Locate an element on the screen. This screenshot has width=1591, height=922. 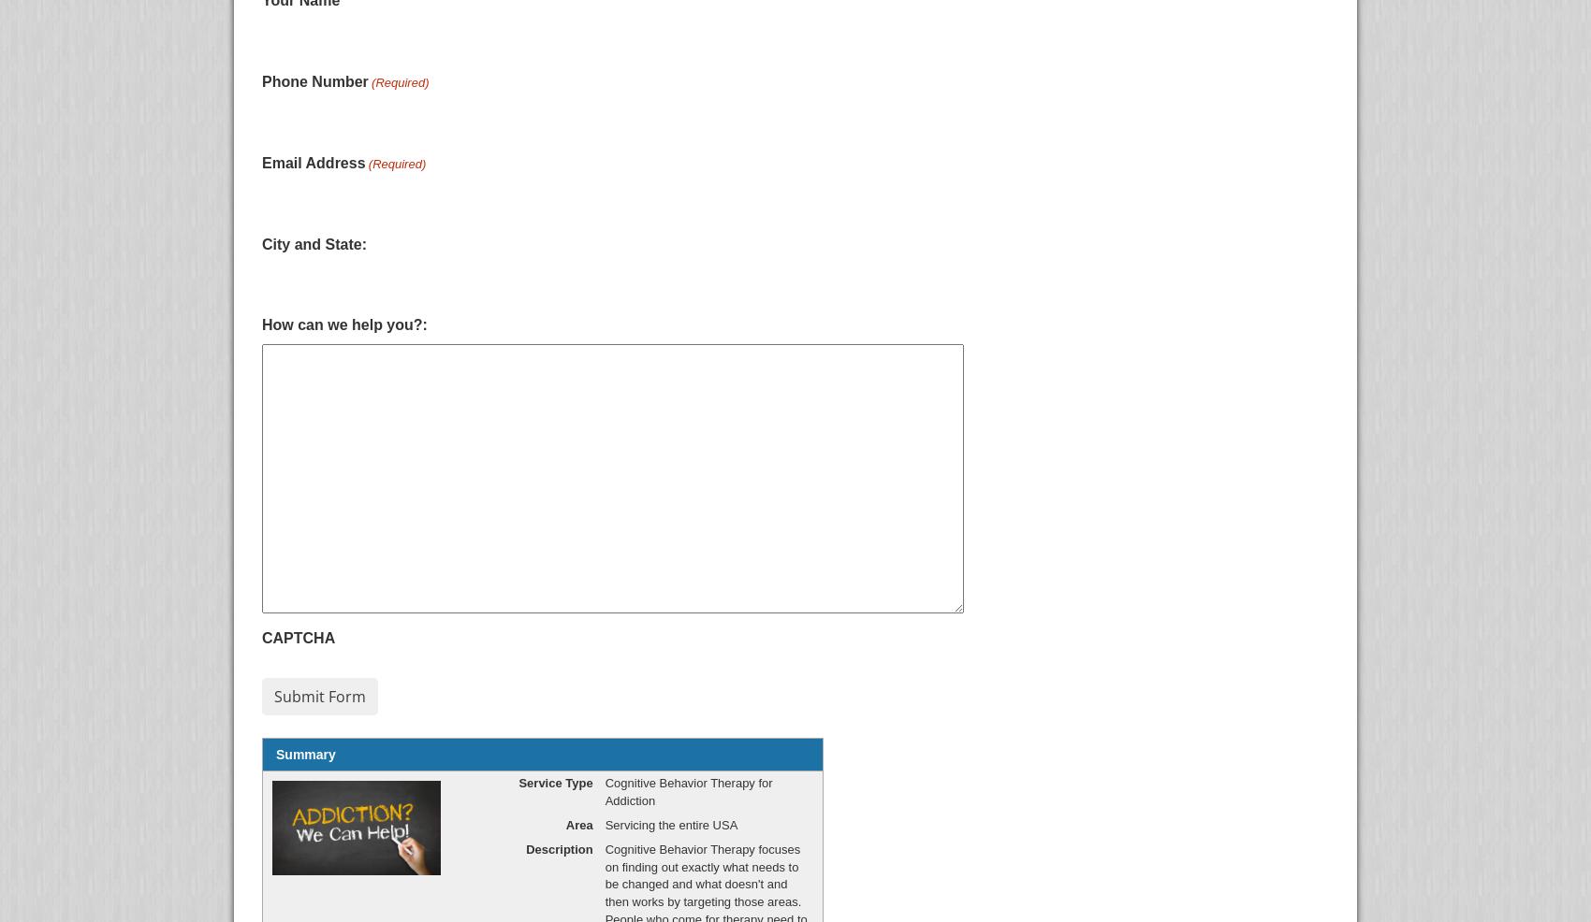
'Summary' is located at coordinates (304, 755).